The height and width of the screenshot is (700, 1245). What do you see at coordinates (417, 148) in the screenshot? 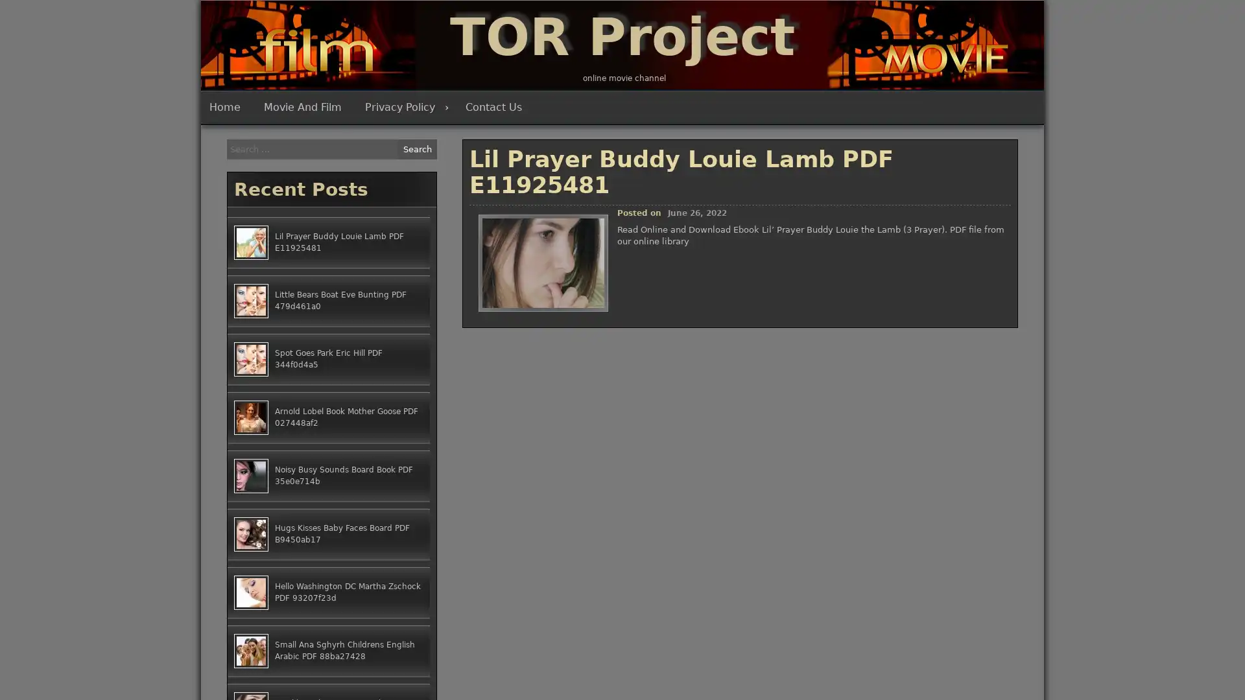
I see `Search` at bounding box center [417, 148].